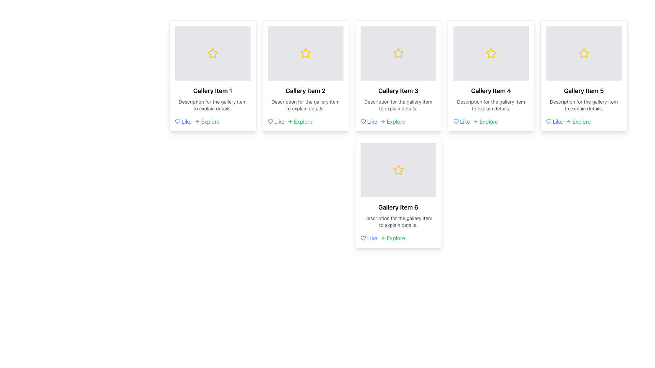 Image resolution: width=655 pixels, height=368 pixels. Describe the element at coordinates (583, 53) in the screenshot. I see `the star icon in the preview section of the card titled 'Gallery Item 5', which serves as a visual indicator for a rating or favorite marker` at that location.